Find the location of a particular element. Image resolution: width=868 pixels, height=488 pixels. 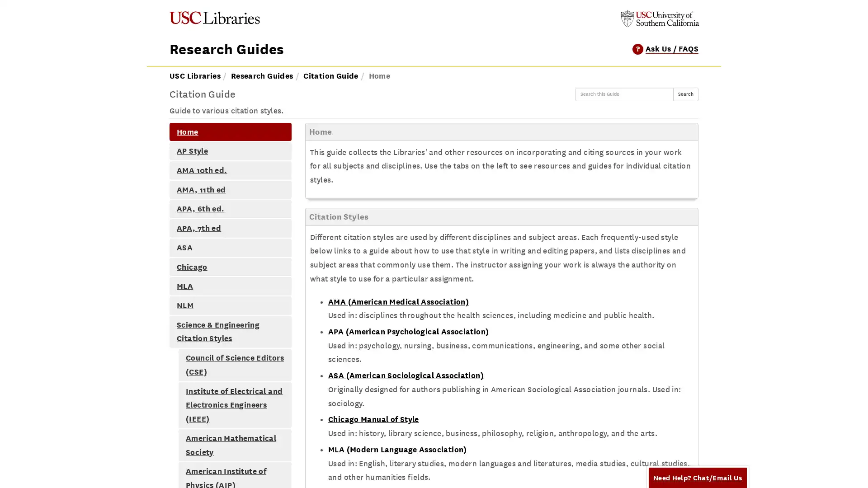

Search is located at coordinates (685, 94).